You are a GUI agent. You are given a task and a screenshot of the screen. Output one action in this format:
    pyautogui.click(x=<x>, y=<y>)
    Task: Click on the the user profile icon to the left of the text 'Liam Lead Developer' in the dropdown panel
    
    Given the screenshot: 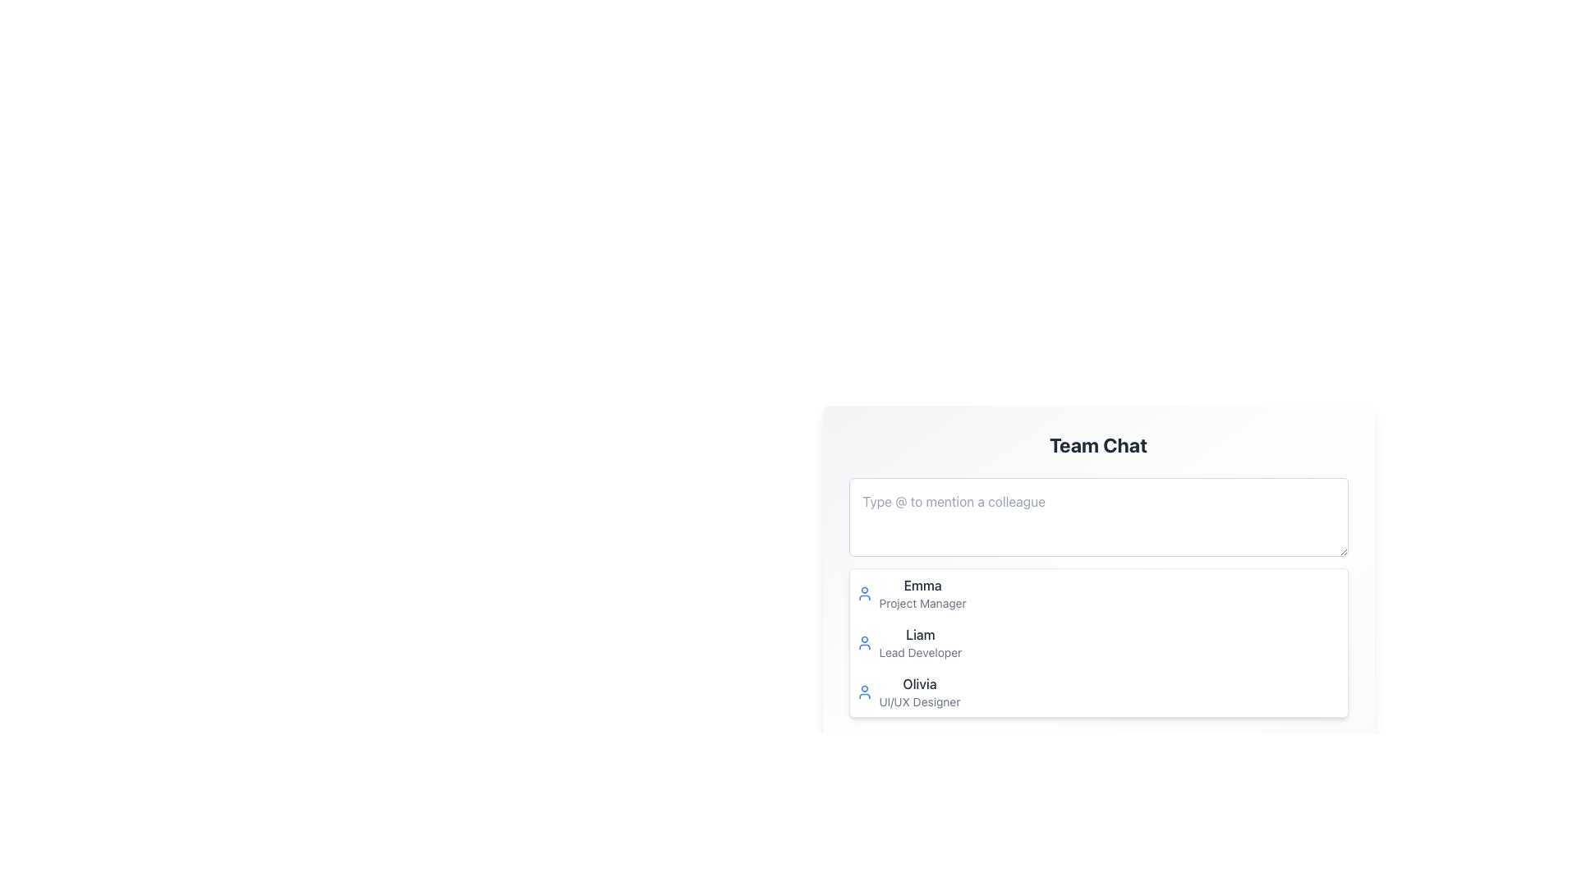 What is the action you would take?
    pyautogui.click(x=863, y=642)
    